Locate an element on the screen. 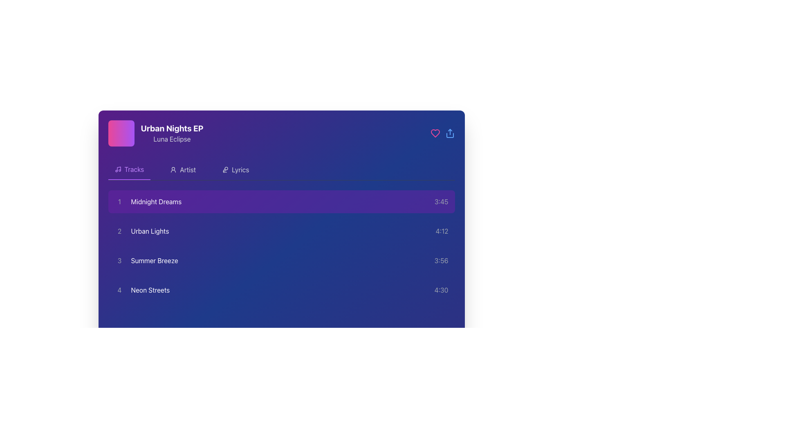 The image size is (785, 442). the 'Tracks' text label in the navigation tab is located at coordinates (134, 169).